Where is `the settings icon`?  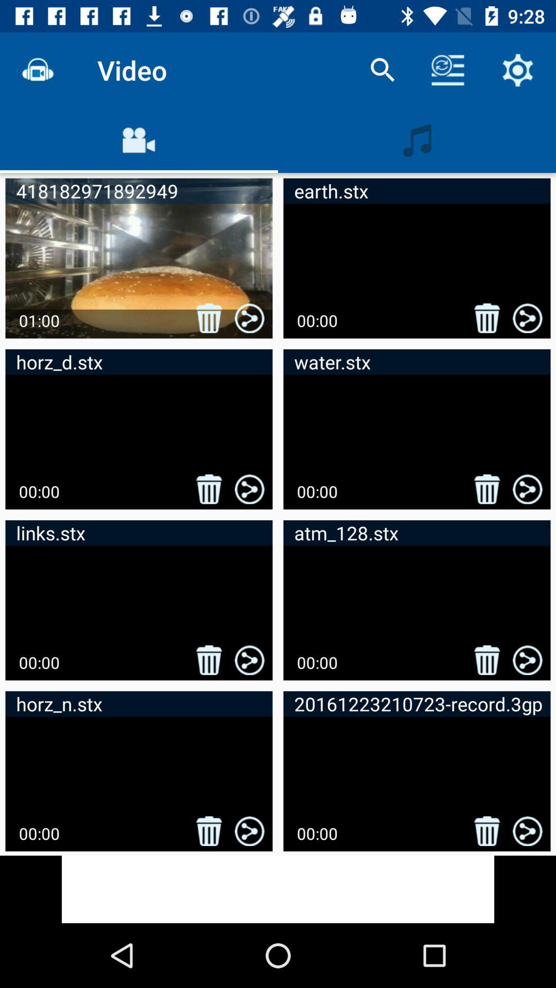
the settings icon is located at coordinates (518, 70).